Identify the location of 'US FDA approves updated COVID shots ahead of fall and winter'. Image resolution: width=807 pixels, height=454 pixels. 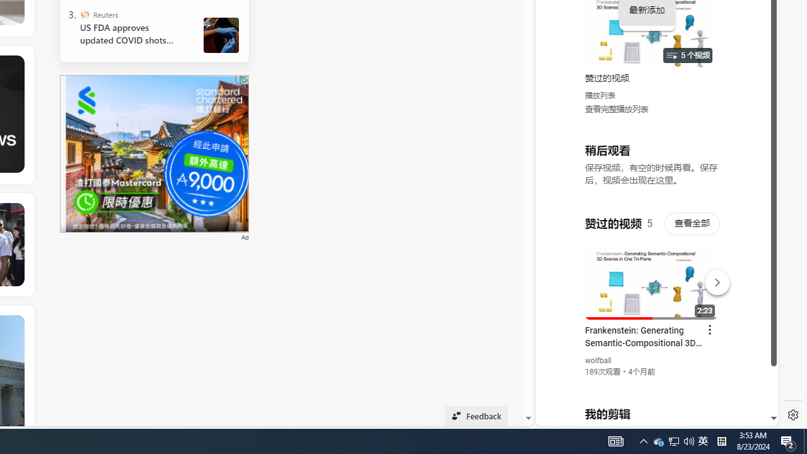
(132, 33).